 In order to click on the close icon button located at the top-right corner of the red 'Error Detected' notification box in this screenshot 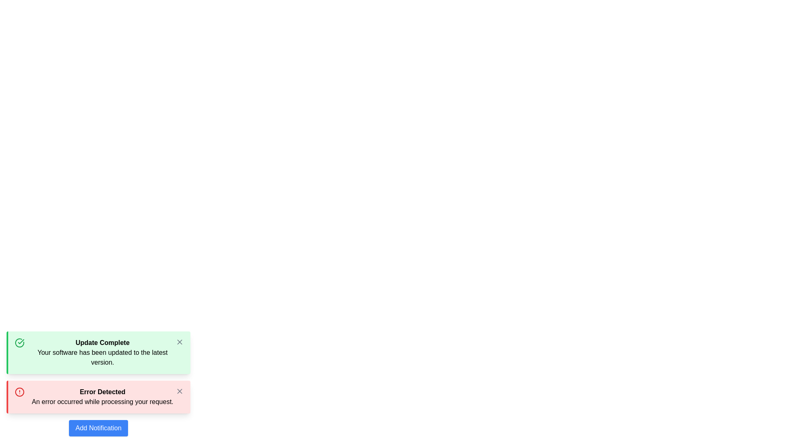, I will do `click(179, 390)`.